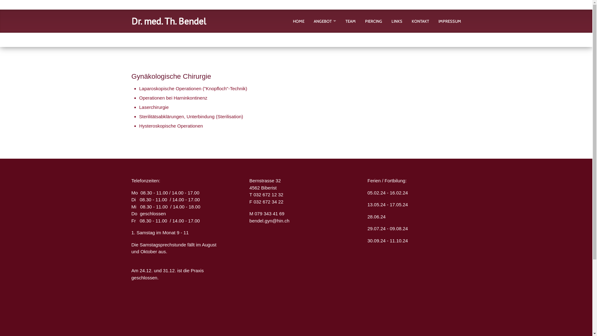 This screenshot has width=597, height=336. Describe the element at coordinates (373, 21) in the screenshot. I see `'PIERCING'` at that location.